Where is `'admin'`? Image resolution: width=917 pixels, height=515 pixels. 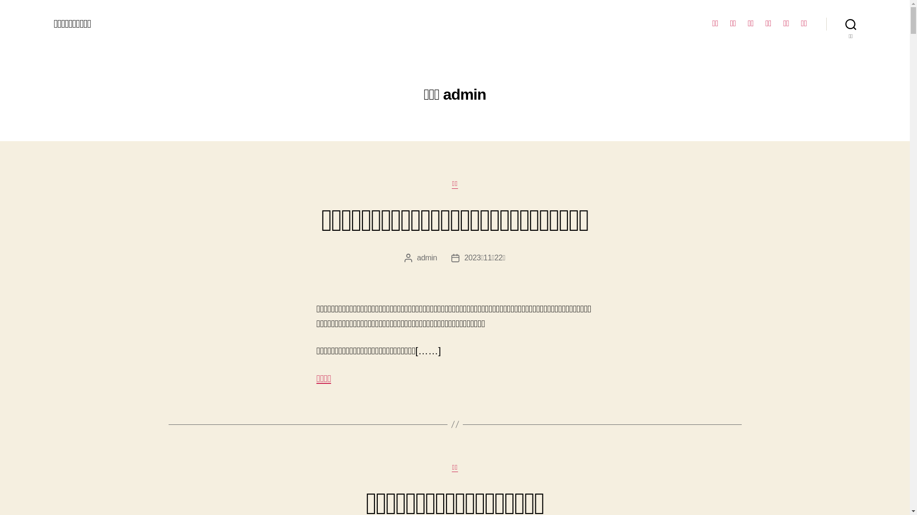 'admin' is located at coordinates (417, 257).